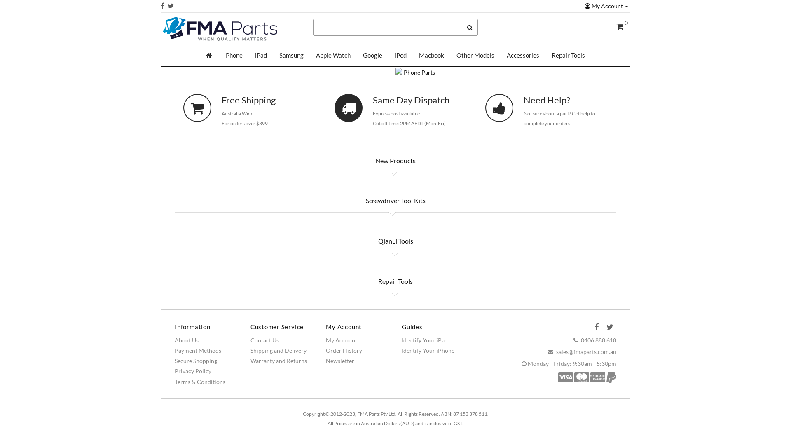  I want to click on 'Google', so click(372, 55).